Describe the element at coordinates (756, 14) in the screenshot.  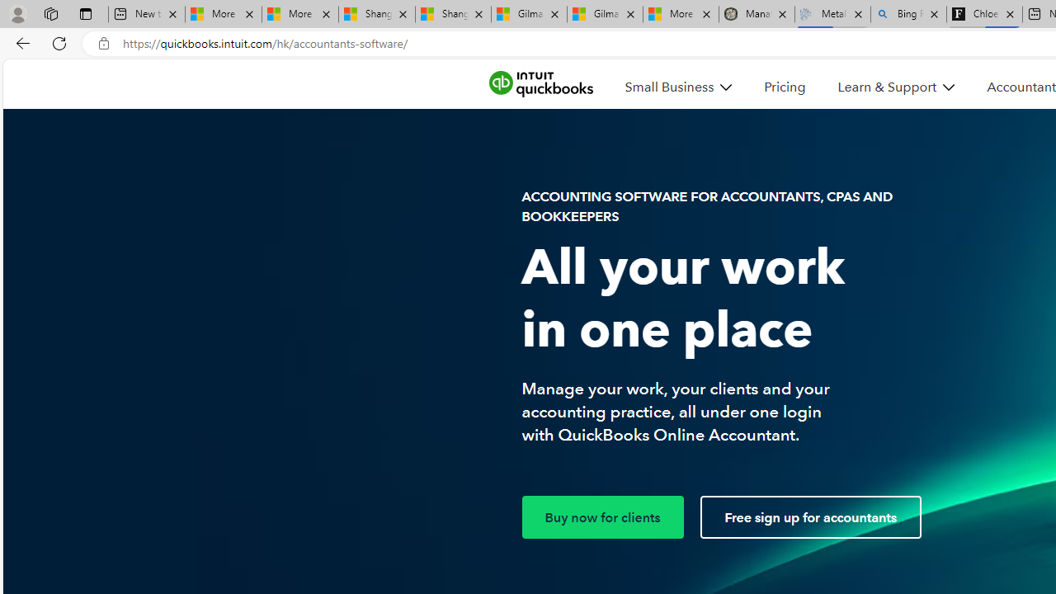
I see `'Manatee Mortality Statistics | FWC'` at that location.